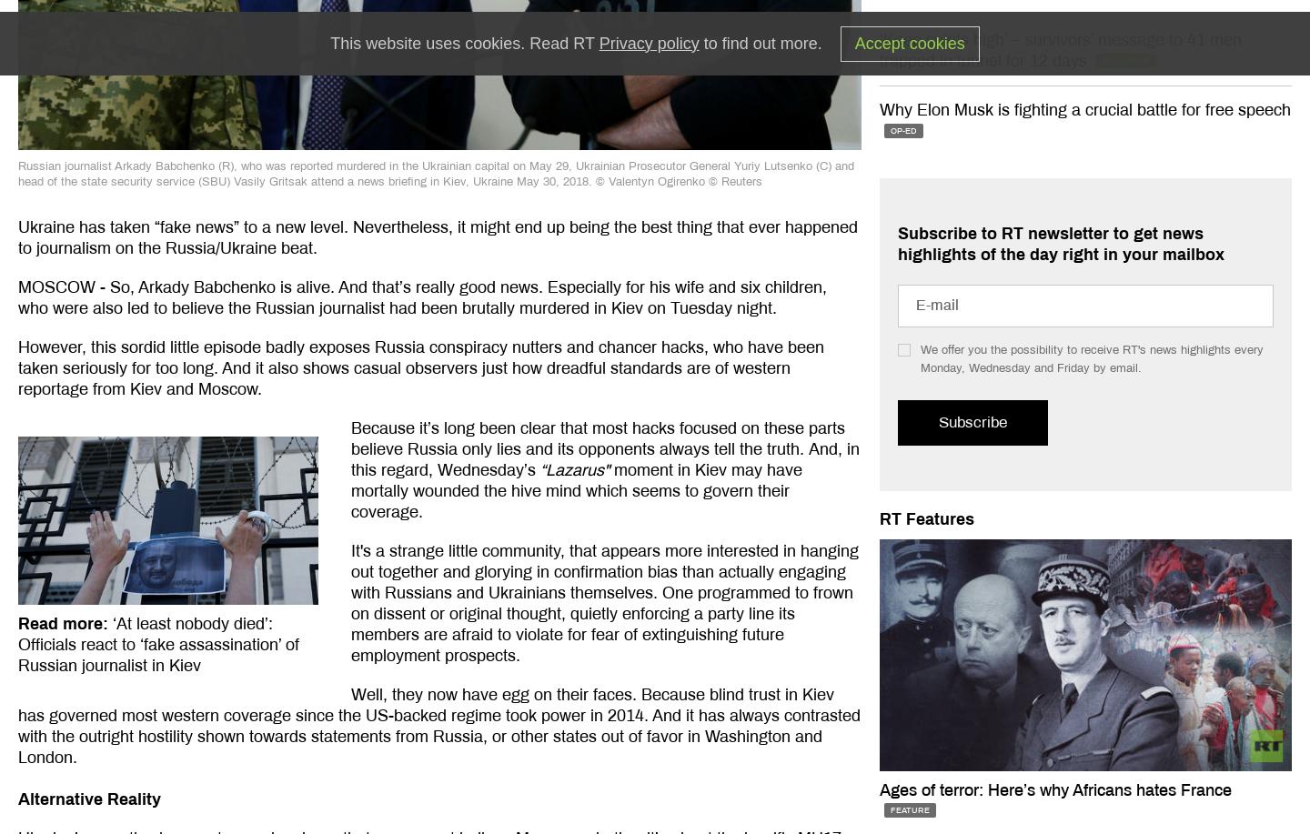 This screenshot has height=834, width=1310. What do you see at coordinates (697, 43) in the screenshot?
I see `'to find out more.'` at bounding box center [697, 43].